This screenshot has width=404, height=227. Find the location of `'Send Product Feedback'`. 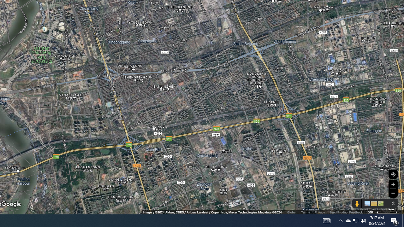

'Send Product Feedback' is located at coordinates (346, 212).